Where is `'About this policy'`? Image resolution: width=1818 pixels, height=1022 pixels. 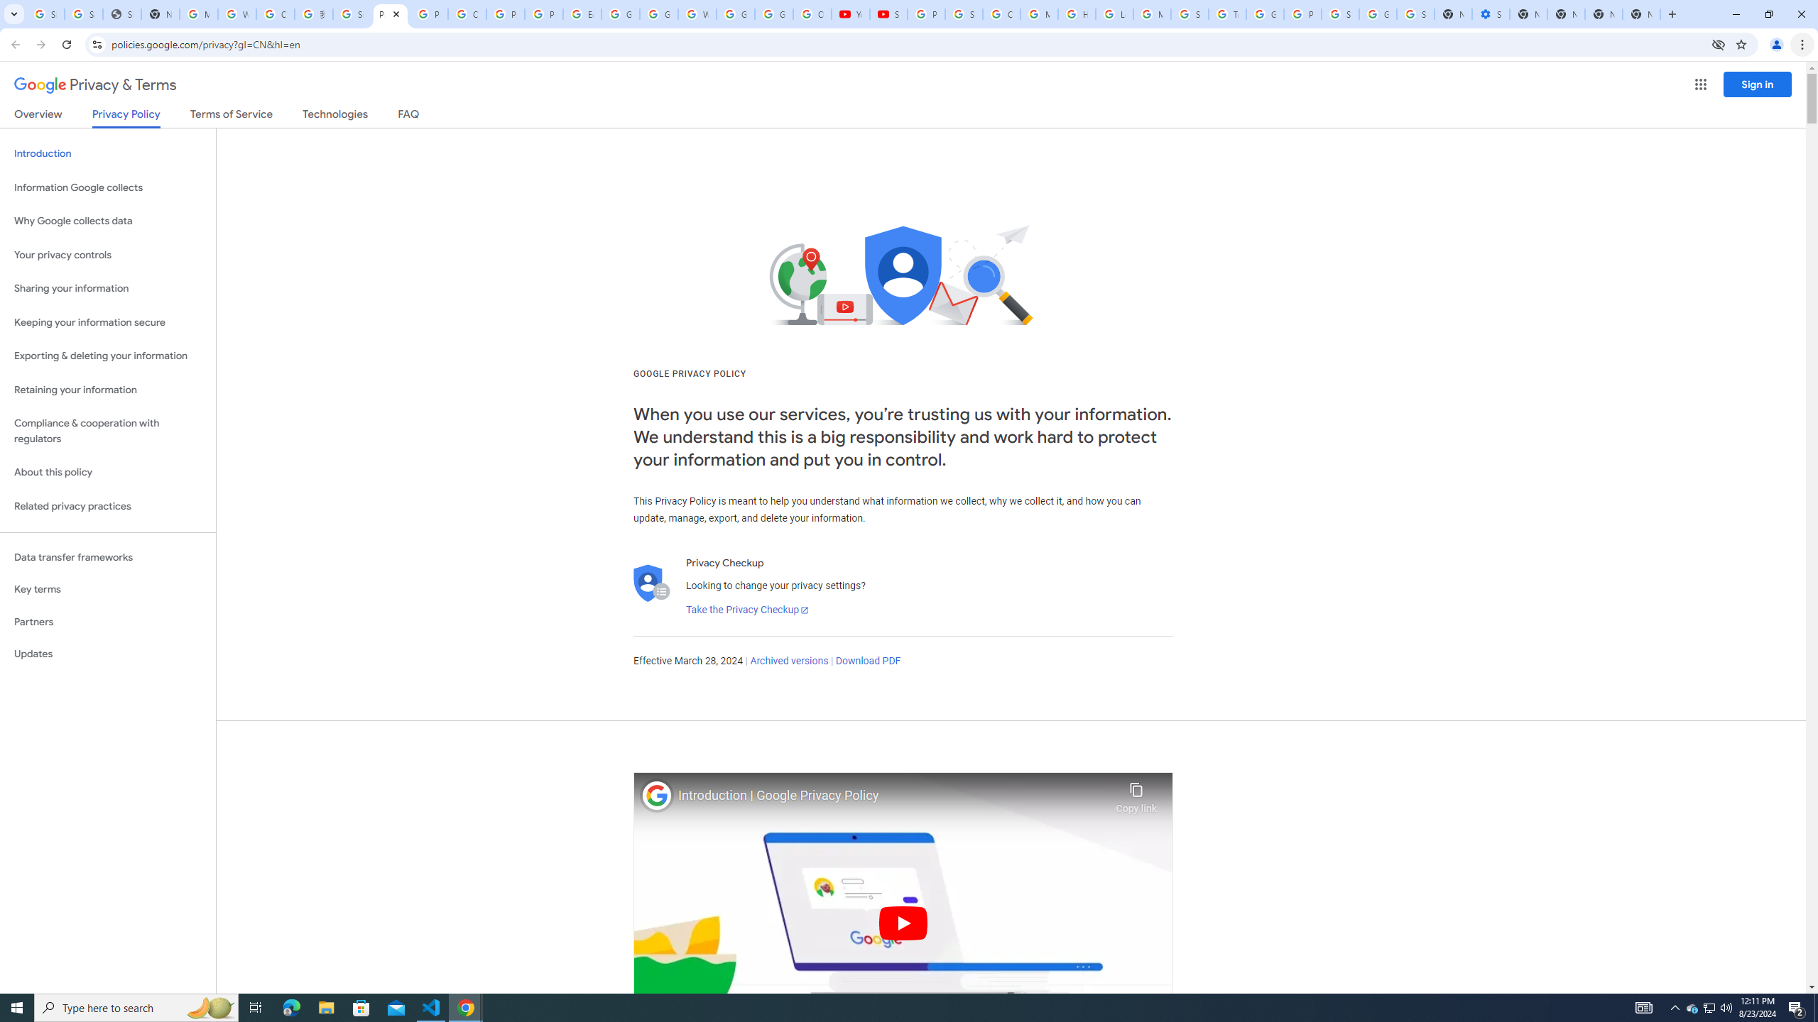
'About this policy' is located at coordinates (107, 473).